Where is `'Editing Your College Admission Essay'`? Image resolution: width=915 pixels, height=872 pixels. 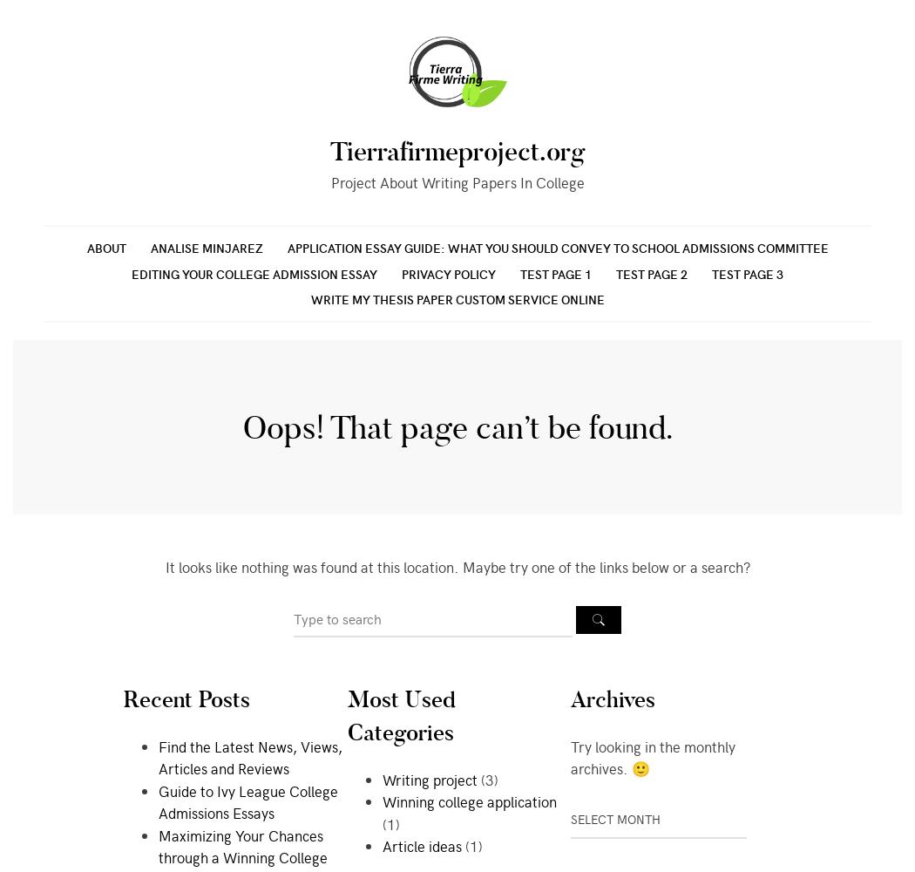 'Editing Your College Admission Essay' is located at coordinates (254, 272).